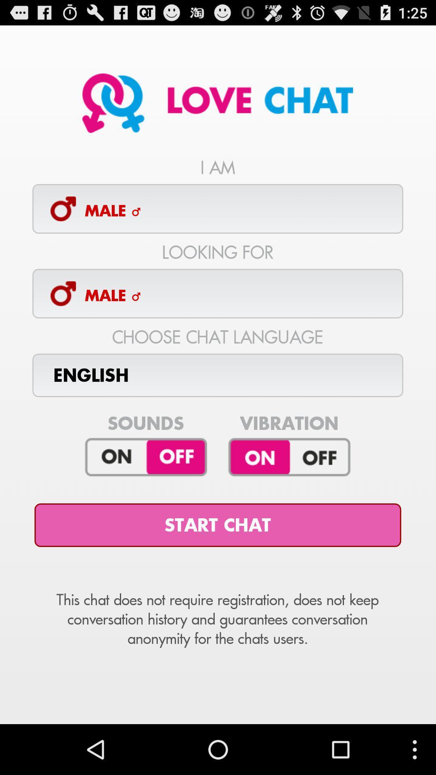 This screenshot has height=775, width=436. What do you see at coordinates (217, 525) in the screenshot?
I see `the start chat` at bounding box center [217, 525].